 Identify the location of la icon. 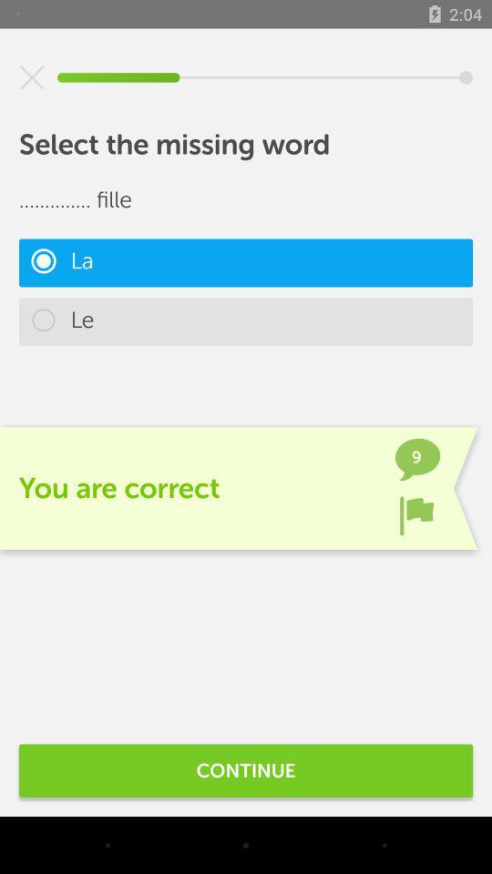
(246, 261).